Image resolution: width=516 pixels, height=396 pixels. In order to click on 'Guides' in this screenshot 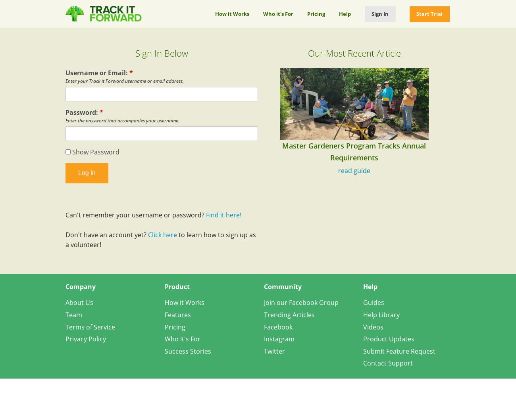, I will do `click(374, 303)`.